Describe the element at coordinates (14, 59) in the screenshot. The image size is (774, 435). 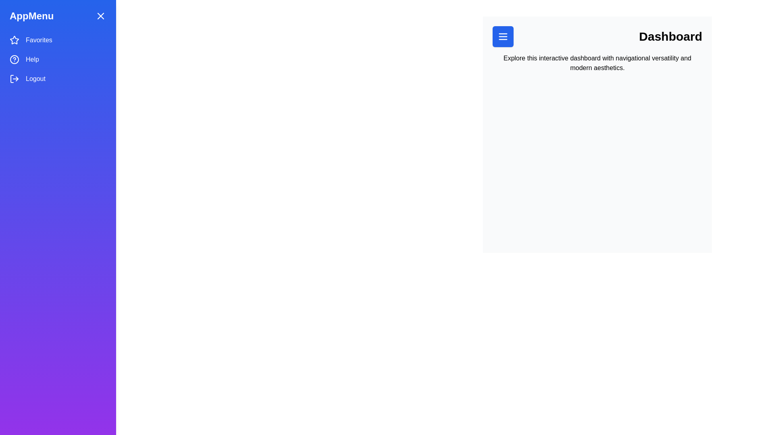
I see `the Help icon in the application's navigation menu` at that location.